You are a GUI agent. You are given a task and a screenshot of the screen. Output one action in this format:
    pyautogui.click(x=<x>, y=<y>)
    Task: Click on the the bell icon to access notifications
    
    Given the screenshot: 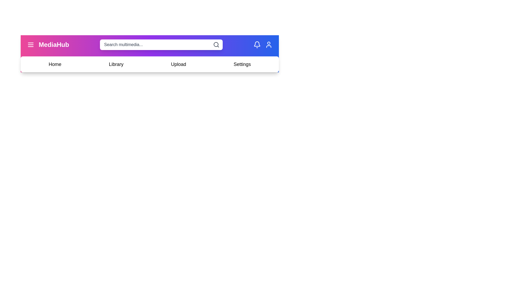 What is the action you would take?
    pyautogui.click(x=257, y=44)
    